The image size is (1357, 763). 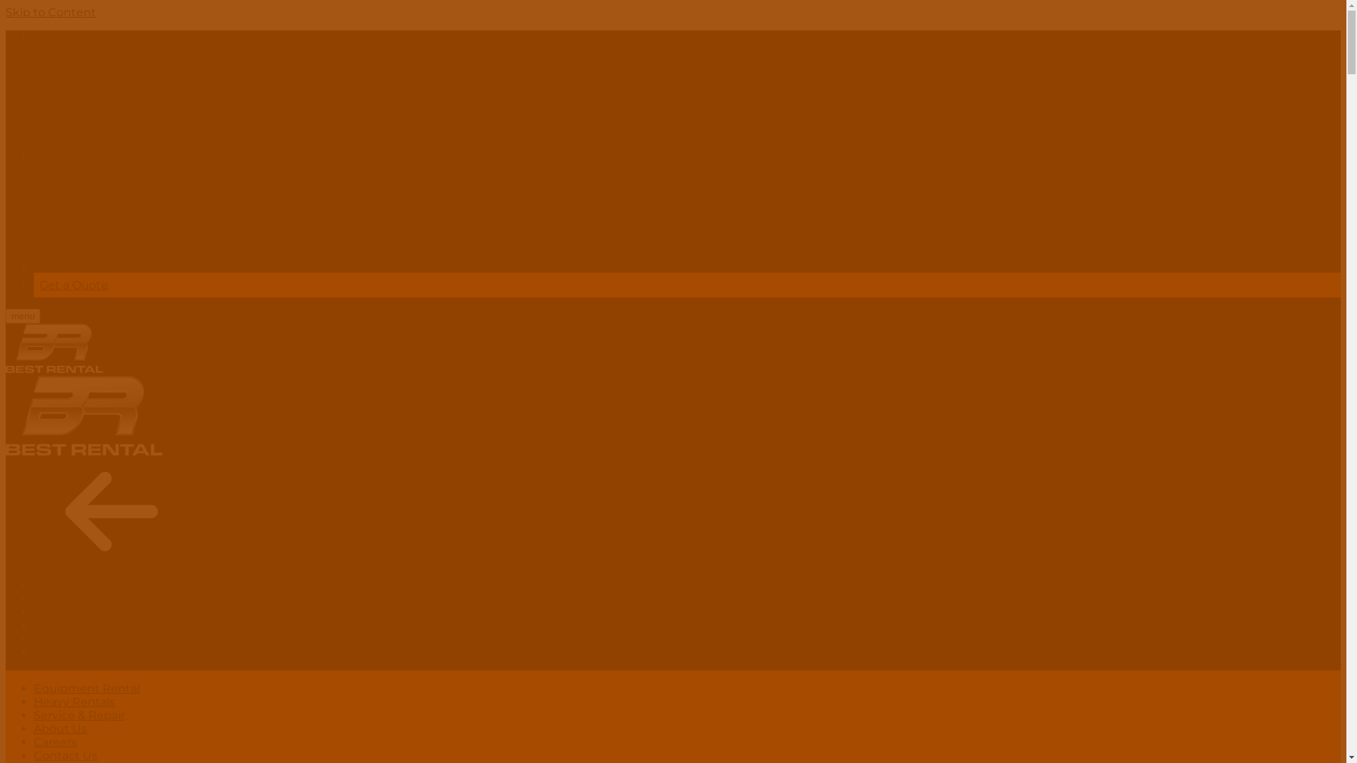 I want to click on 'Equipment Rental', so click(x=34, y=687).